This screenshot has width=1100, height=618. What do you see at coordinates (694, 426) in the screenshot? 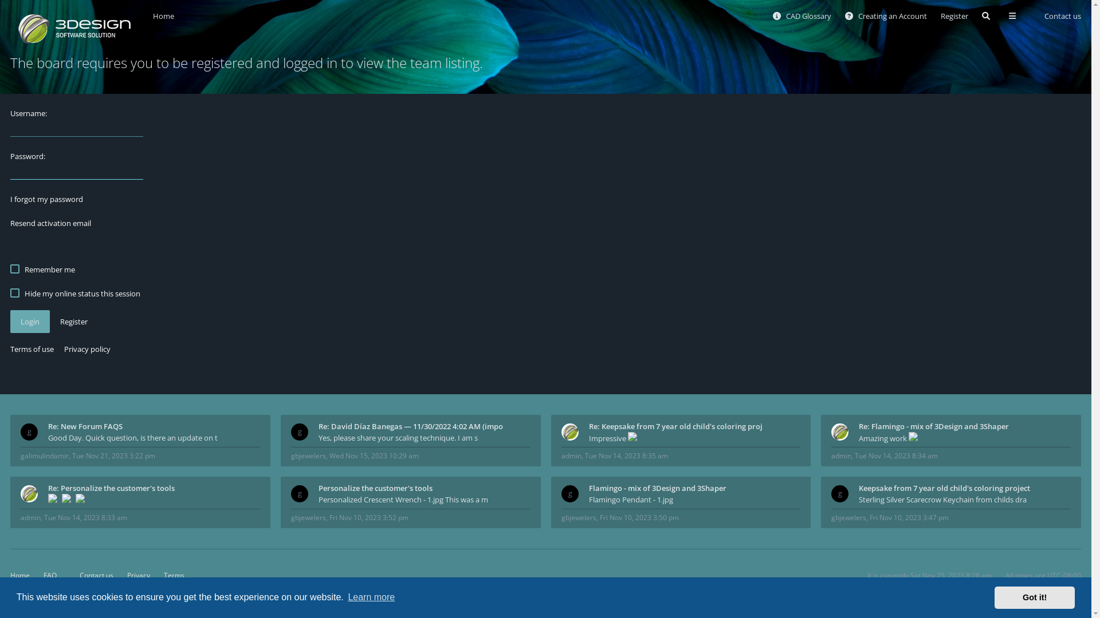
I see `'Re: Keepsake from 7 year old child's coloring proj'` at bounding box center [694, 426].